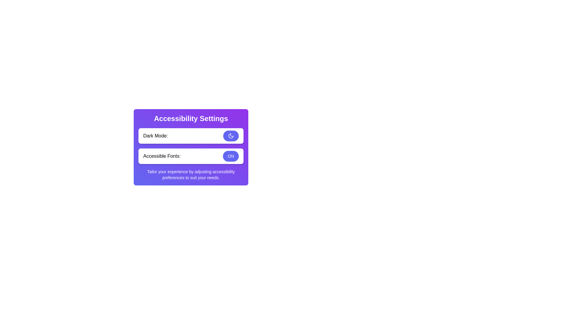 The height and width of the screenshot is (322, 573). Describe the element at coordinates (230, 136) in the screenshot. I see `the Dark Mode icon located to the right of the 'Dark Mode:' label in the control interface` at that location.